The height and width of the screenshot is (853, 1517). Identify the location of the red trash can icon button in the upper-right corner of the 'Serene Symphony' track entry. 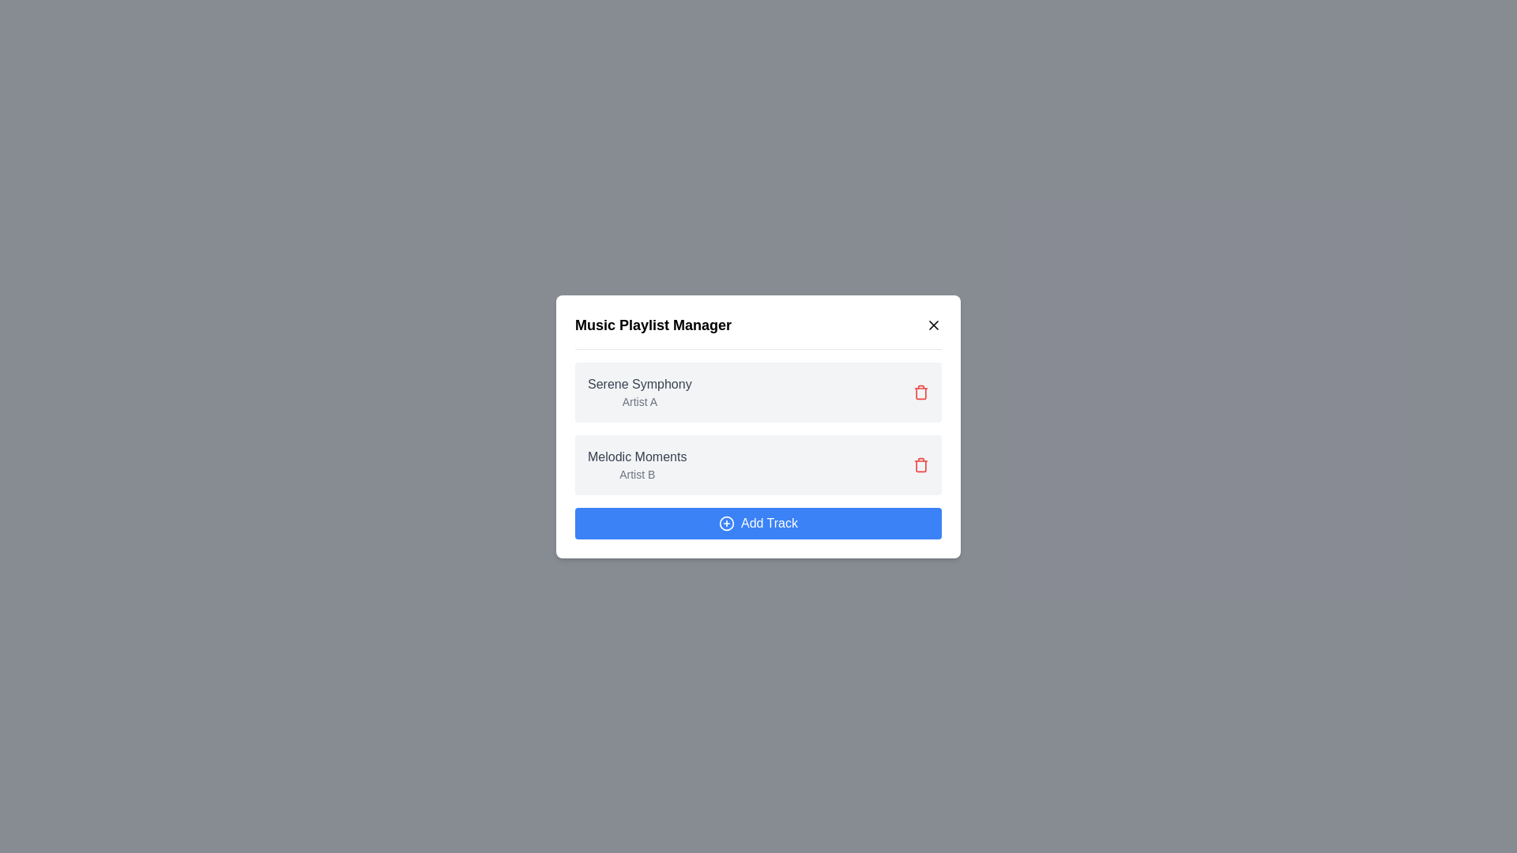
(921, 391).